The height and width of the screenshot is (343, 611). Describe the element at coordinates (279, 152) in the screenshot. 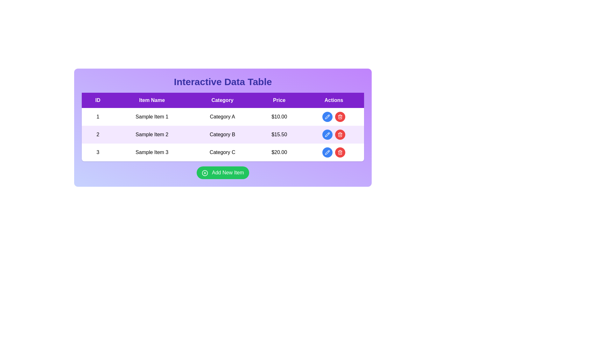

I see `the static text label displaying the price "$20.00" in the Price column of the data table, which is aligned with "Sample Item 3."` at that location.